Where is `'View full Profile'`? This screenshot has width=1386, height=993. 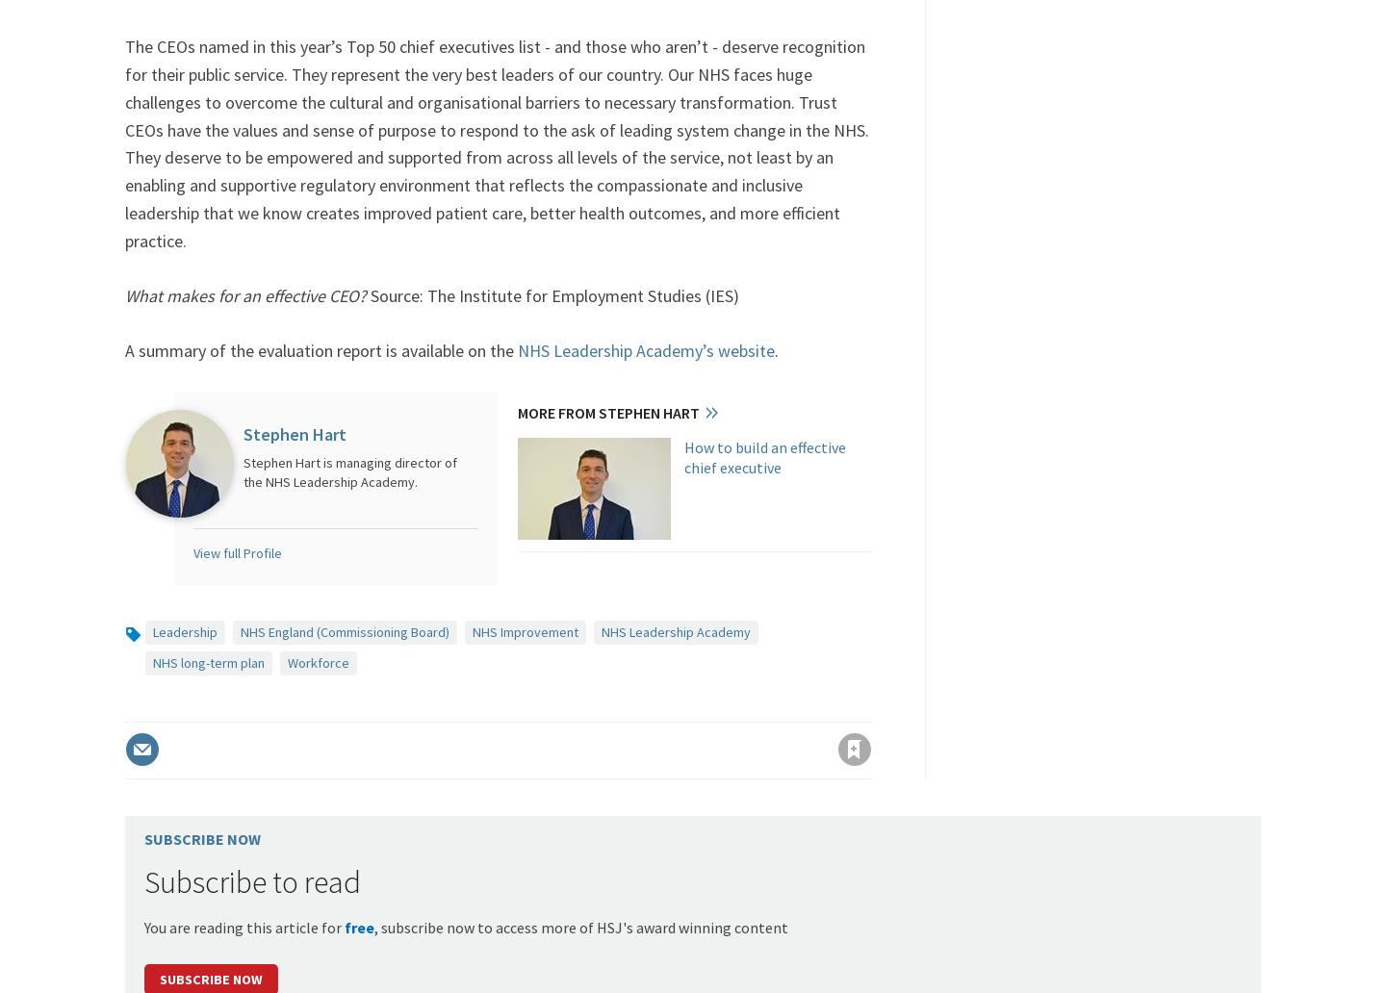 'View full Profile' is located at coordinates (236, 553).